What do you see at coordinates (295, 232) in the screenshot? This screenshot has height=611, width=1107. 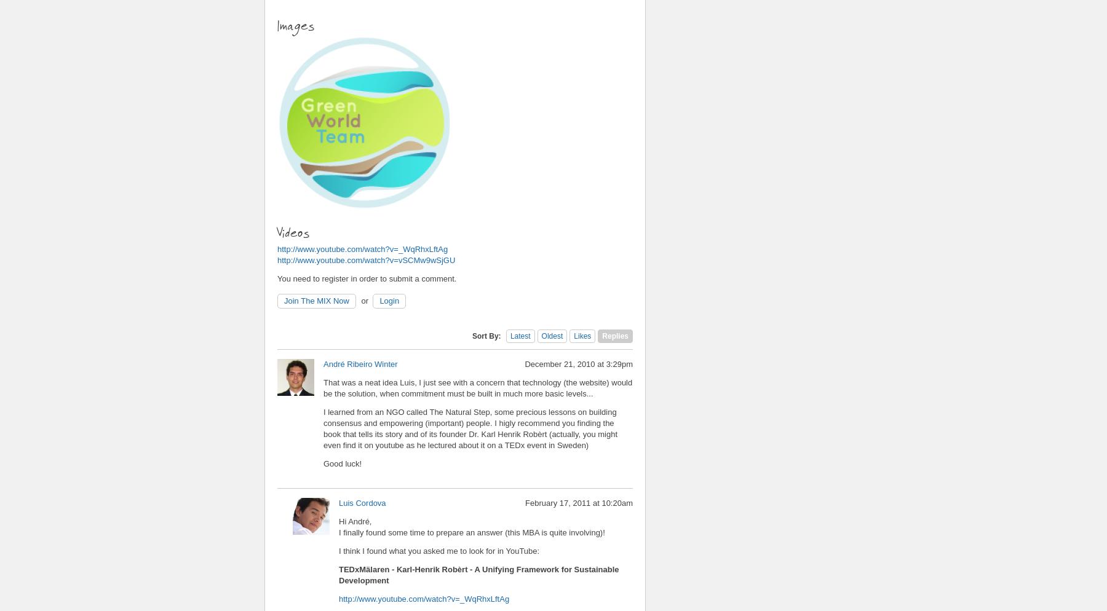 I see `'Videos'` at bounding box center [295, 232].